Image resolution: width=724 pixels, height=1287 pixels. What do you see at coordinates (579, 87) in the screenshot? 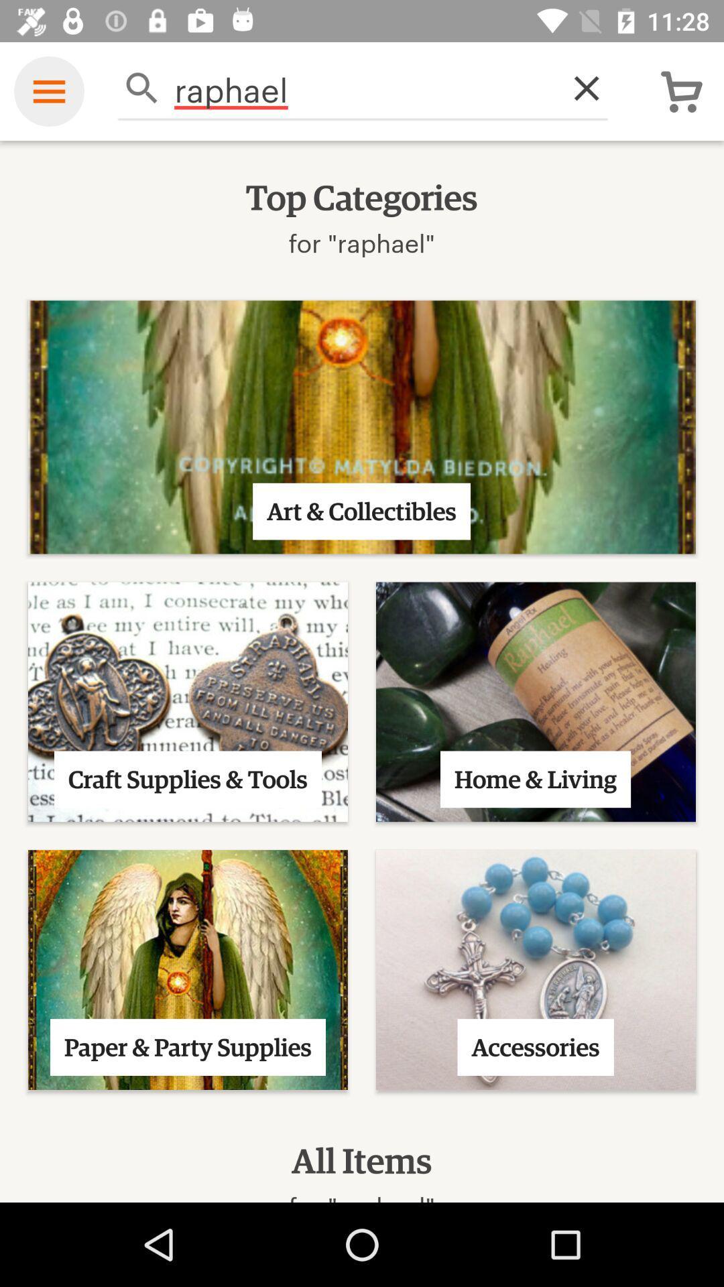
I see `the icon next to the raphael icon` at bounding box center [579, 87].